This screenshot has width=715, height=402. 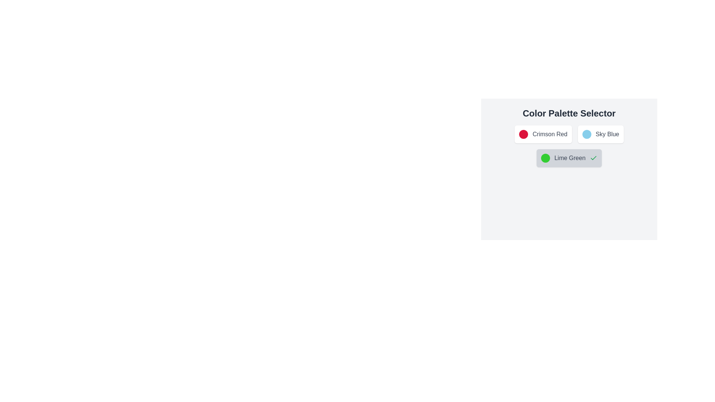 What do you see at coordinates (601, 134) in the screenshot?
I see `the color palette item corresponding to Sky Blue to toggle its selection state` at bounding box center [601, 134].